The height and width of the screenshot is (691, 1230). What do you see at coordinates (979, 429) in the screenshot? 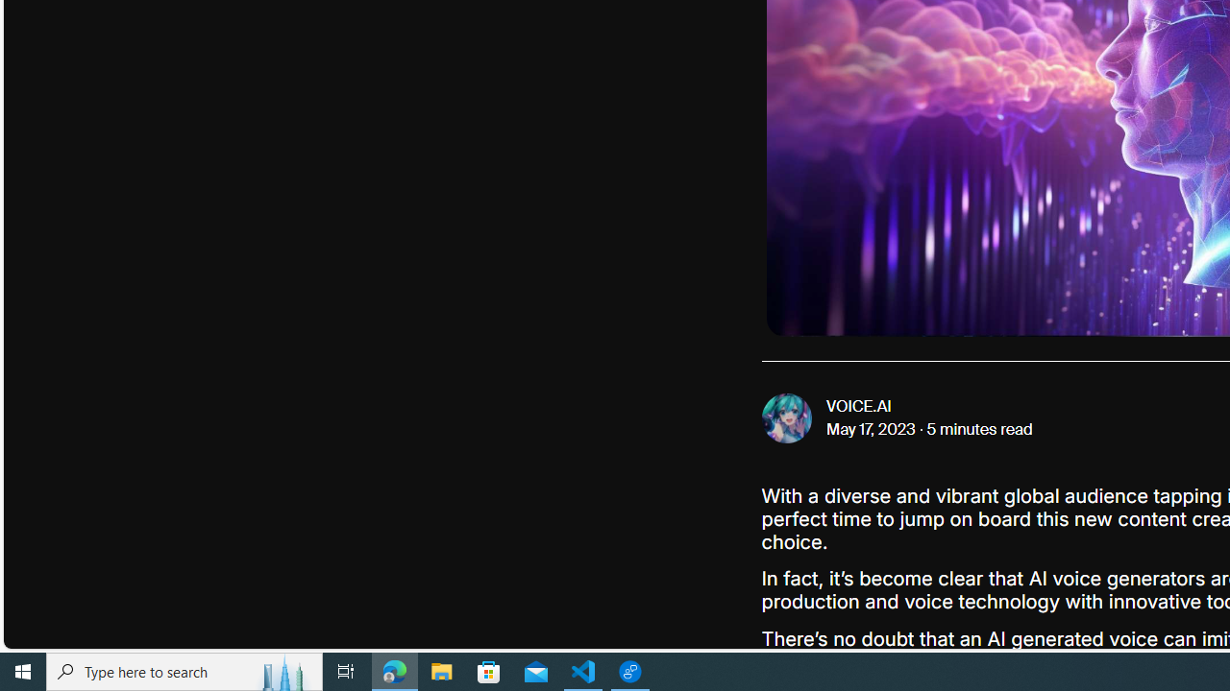
I see `'5 minutes read'` at bounding box center [979, 429].